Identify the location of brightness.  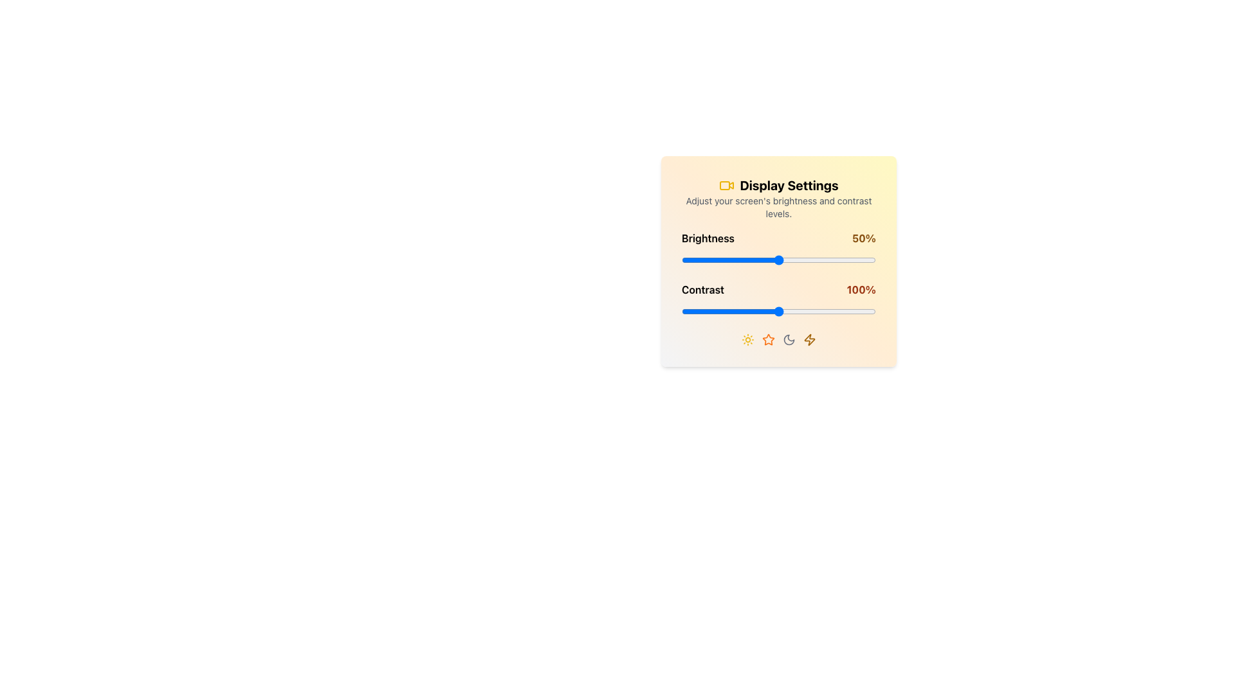
(706, 260).